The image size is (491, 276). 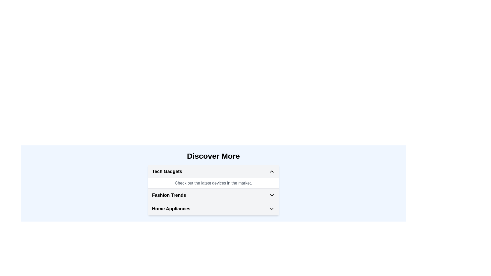 I want to click on the 'Tech Gadgets' text heading, which serves as a title for the corresponding section in a vertically stacked collapsible items layout, so click(x=167, y=171).